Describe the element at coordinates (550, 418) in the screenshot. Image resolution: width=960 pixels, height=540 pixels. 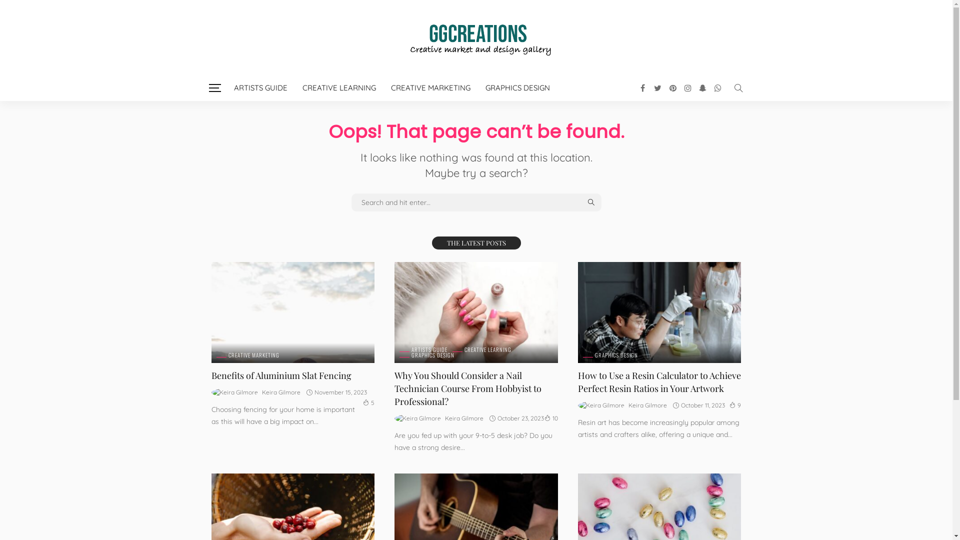
I see `'10'` at that location.